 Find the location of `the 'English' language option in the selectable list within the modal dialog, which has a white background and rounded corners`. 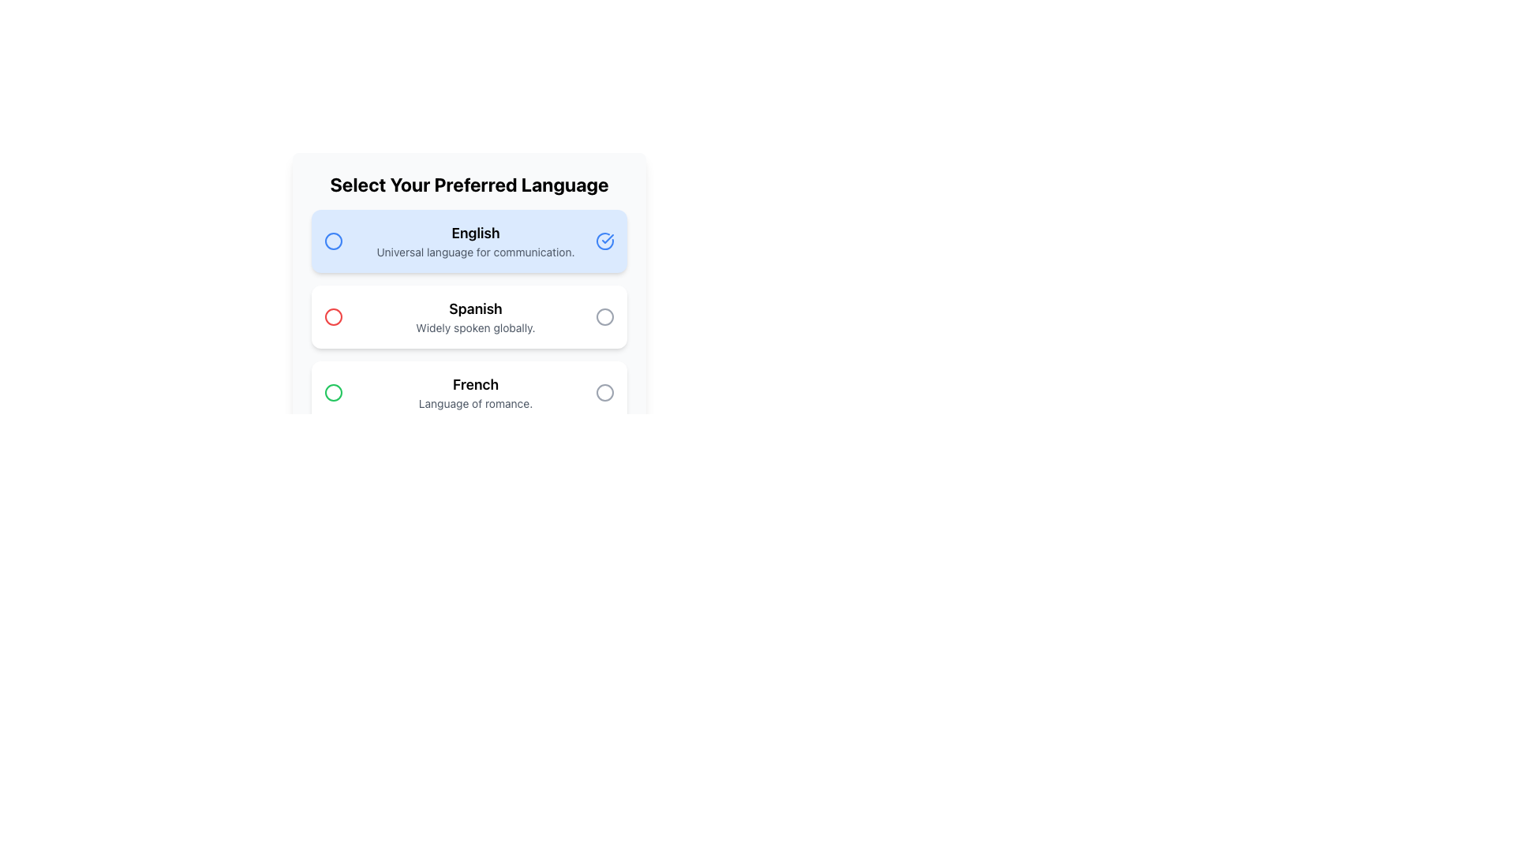

the 'English' language option in the selectable list within the modal dialog, which has a white background and rounded corners is located at coordinates (469, 273).